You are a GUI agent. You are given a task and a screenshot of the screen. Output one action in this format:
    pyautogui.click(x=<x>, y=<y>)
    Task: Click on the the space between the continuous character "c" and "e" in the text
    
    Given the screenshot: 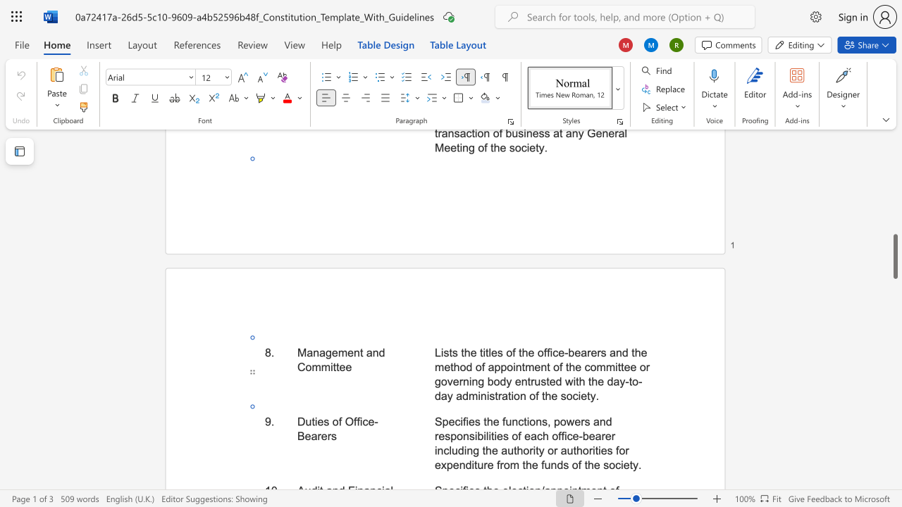 What is the action you would take?
    pyautogui.click(x=368, y=420)
    